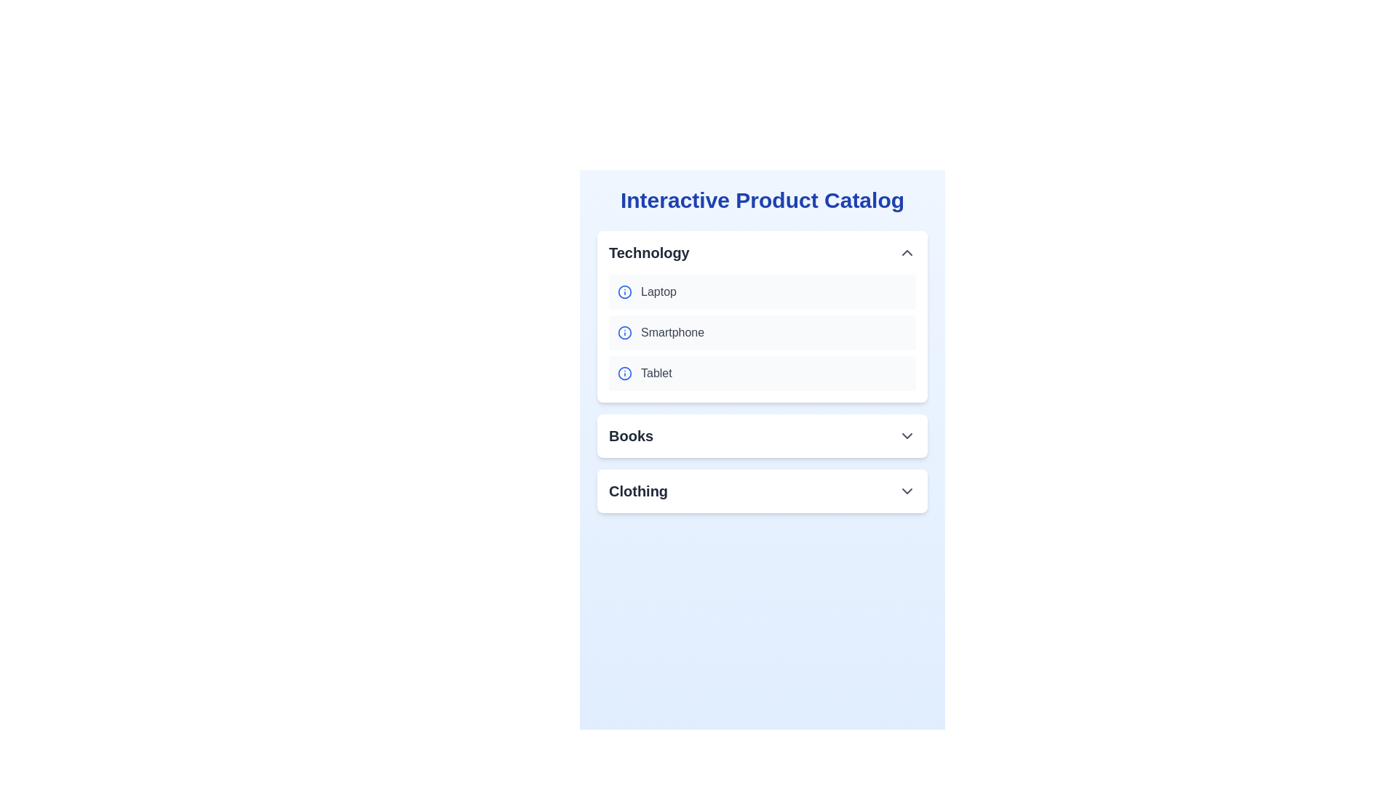  Describe the element at coordinates (761, 333) in the screenshot. I see `the 'Smartphone' list item, which has a light gray background, rounded corners, and is the second item` at that location.